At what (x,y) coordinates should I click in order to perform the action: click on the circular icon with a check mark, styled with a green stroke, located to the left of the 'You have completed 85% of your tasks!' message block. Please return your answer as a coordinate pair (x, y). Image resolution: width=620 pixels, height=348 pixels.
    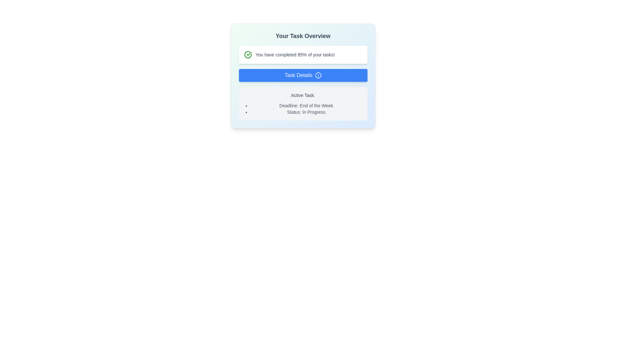
    Looking at the image, I should click on (247, 54).